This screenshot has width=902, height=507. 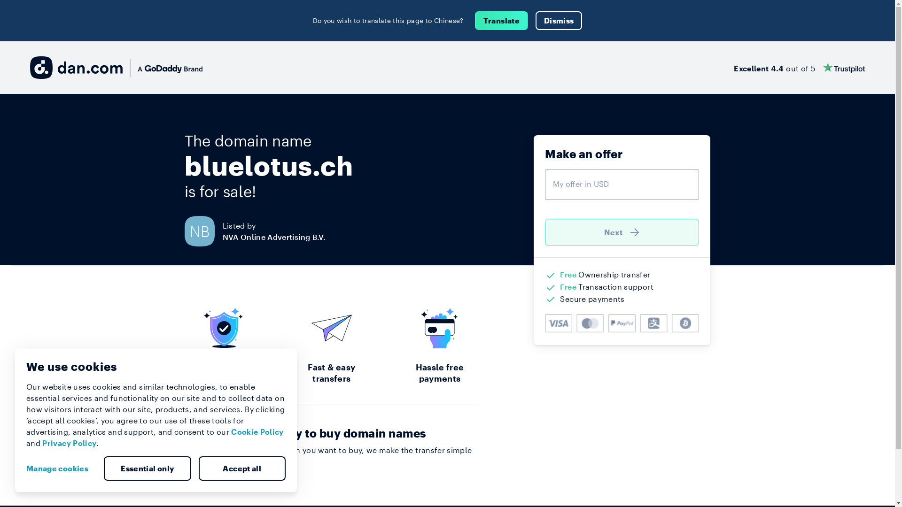 I want to click on 'Next, so click(x=622, y=232).